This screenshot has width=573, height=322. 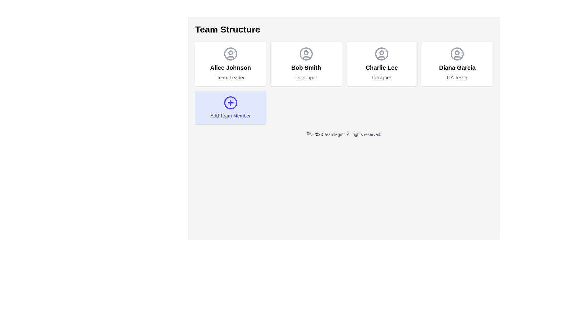 I want to click on the Profile Card of Diana Garcia, which features a circular user icon and the text 'QA Tester' below her name, located as the fourth card in the top row of team member cards, so click(x=457, y=64).